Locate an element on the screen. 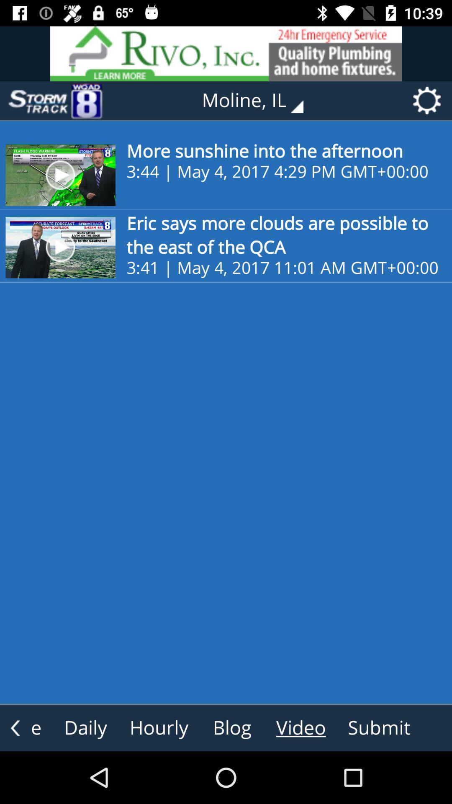 Image resolution: width=452 pixels, height=804 pixels. the arrow_backward icon is located at coordinates (15, 727).